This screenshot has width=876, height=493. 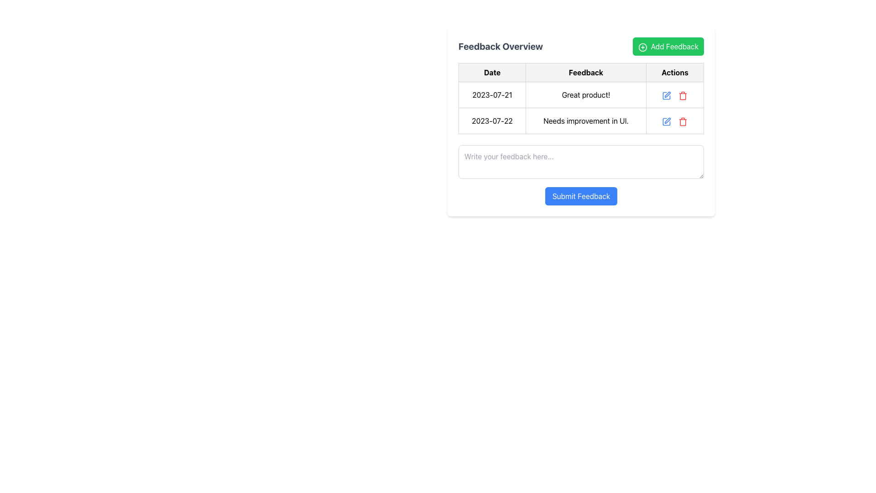 What do you see at coordinates (642, 47) in the screenshot?
I see `the circular SVG icon with a plus sign located inside the green 'Add Feedback' button at the top-right corner of the application interface` at bounding box center [642, 47].